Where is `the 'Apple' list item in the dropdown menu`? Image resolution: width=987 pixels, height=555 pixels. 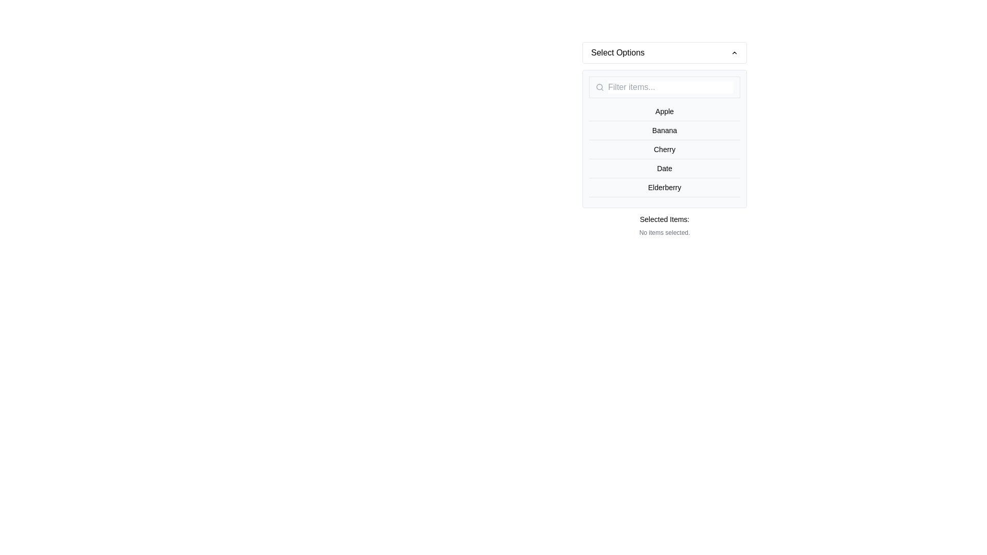
the 'Apple' list item in the dropdown menu is located at coordinates (664, 112).